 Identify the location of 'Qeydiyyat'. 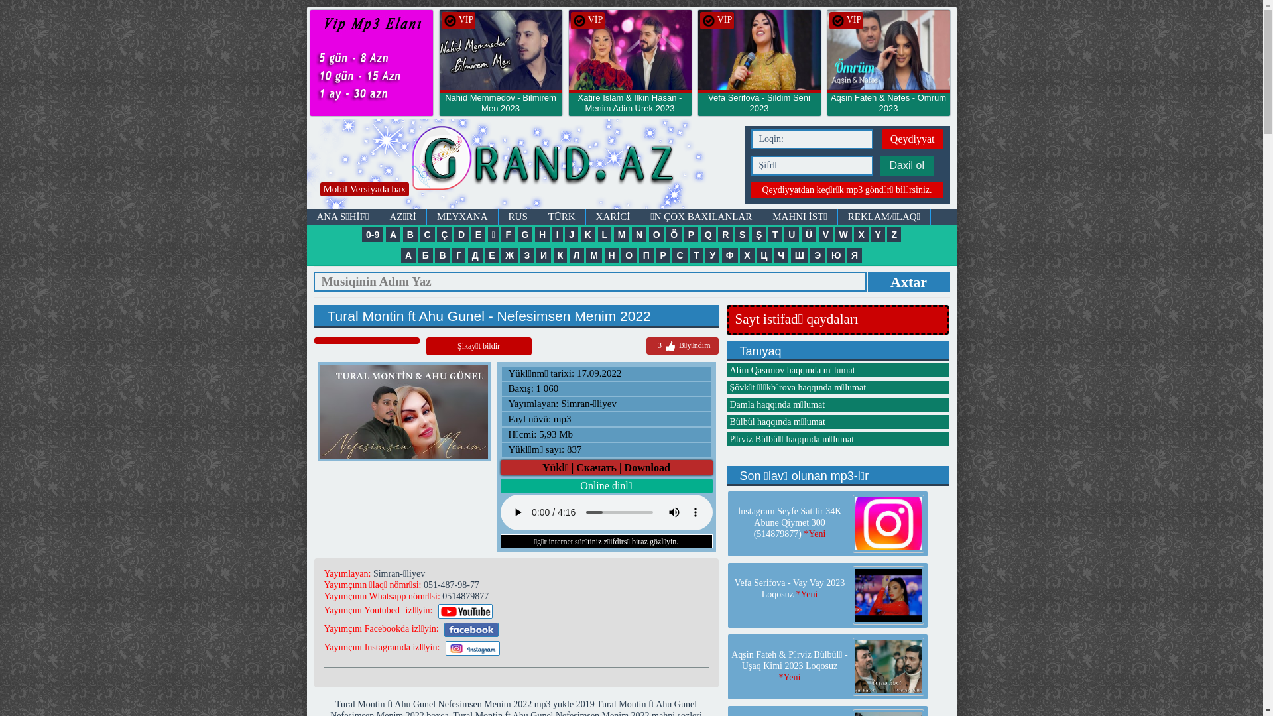
(912, 139).